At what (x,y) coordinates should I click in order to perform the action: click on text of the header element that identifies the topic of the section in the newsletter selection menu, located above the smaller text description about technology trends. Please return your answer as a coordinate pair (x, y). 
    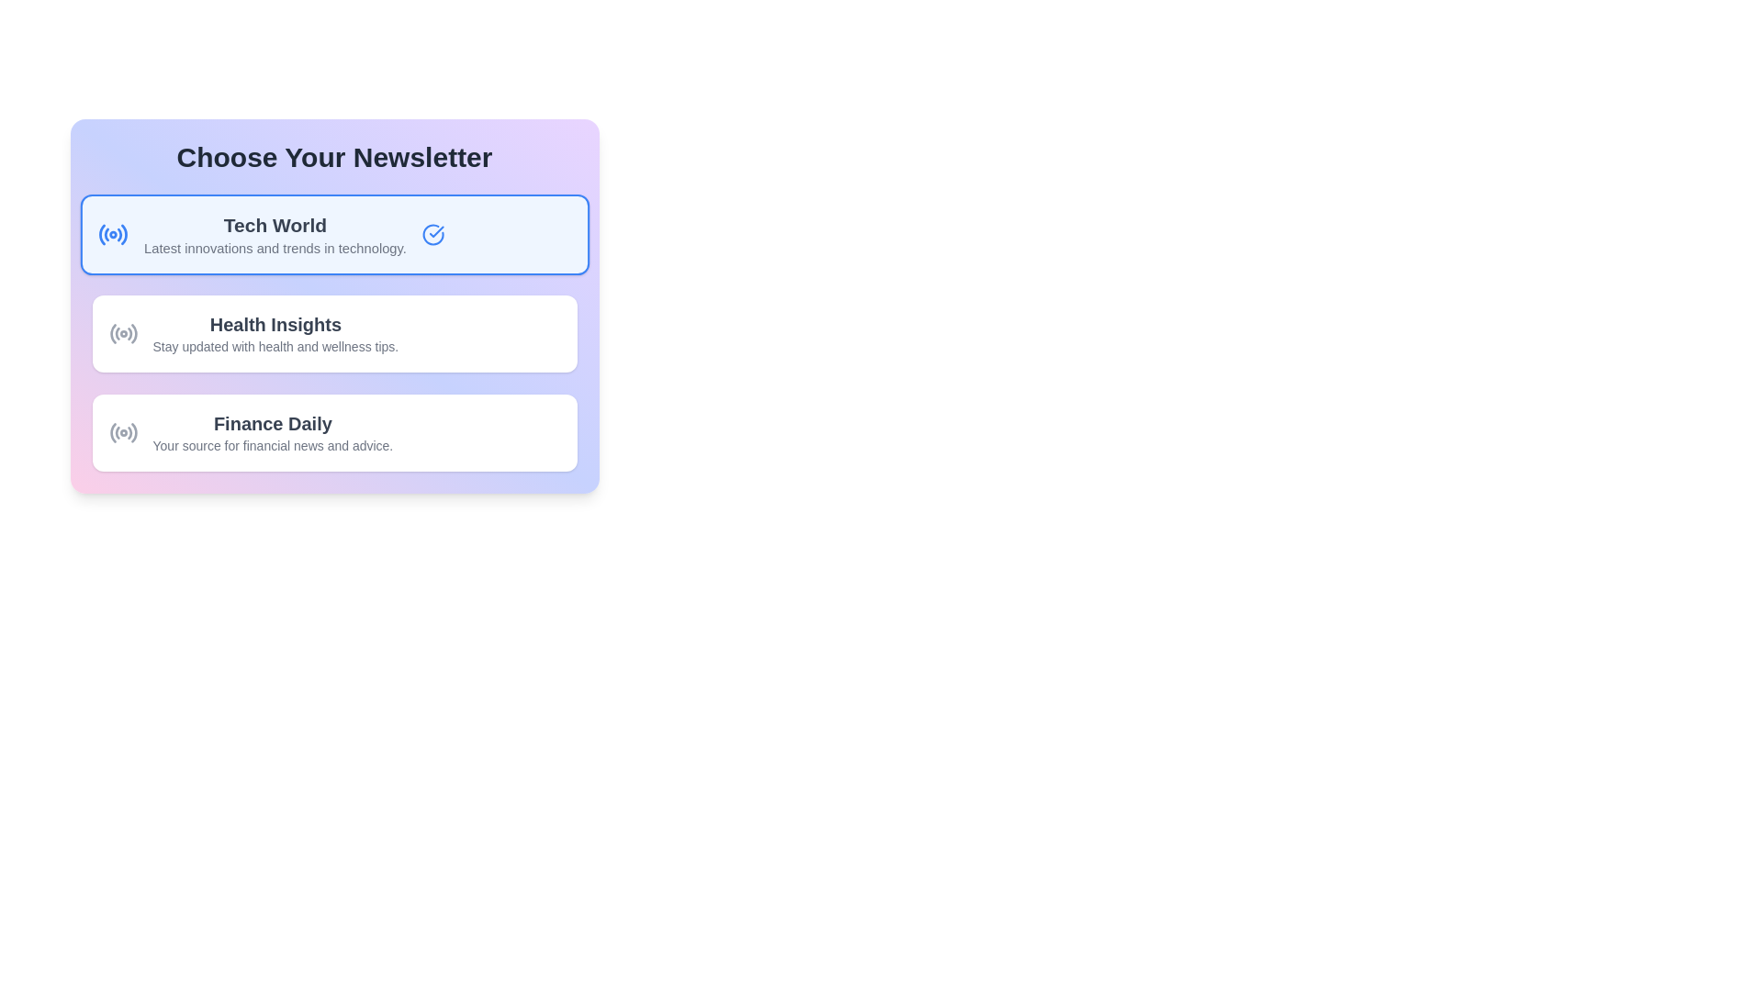
    Looking at the image, I should click on (274, 224).